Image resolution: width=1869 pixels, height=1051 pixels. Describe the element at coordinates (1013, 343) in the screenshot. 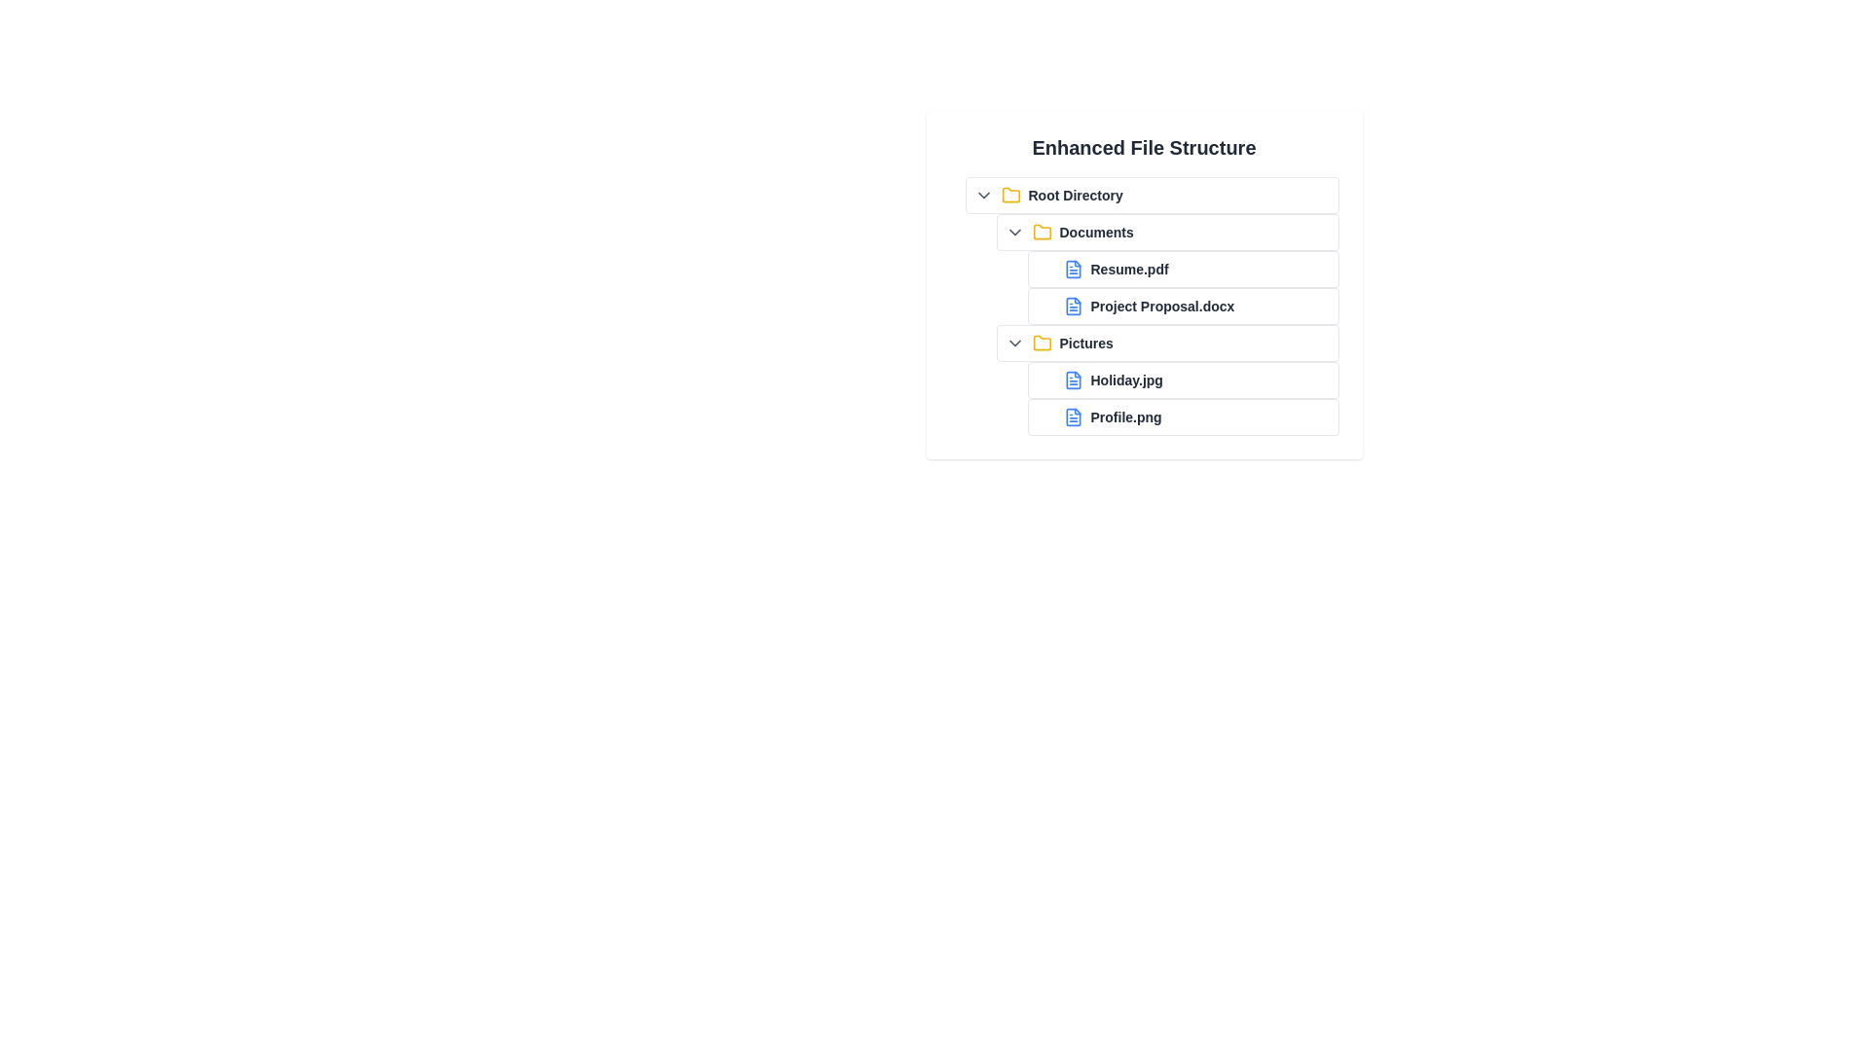

I see `the toggle switch icon located to the left of the 'Pictures' label, which allows users to expand or collapse the related section` at that location.